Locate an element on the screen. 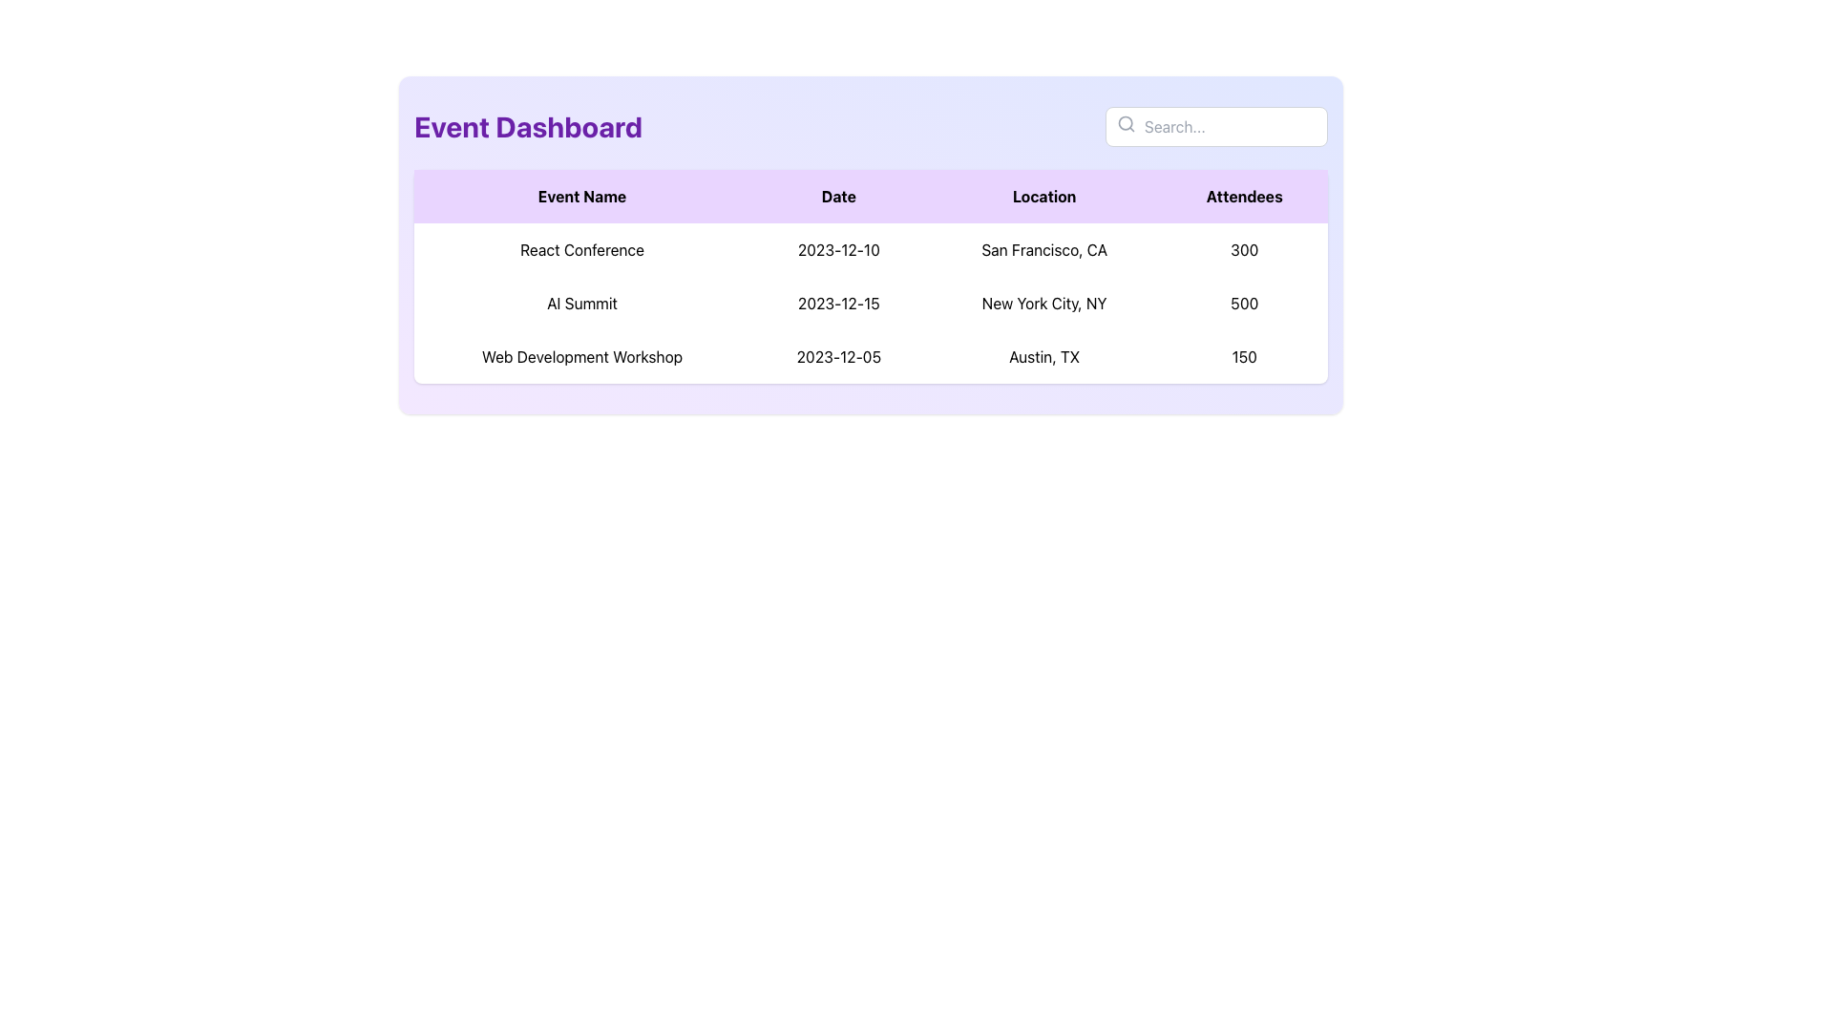 Image resolution: width=1833 pixels, height=1031 pixels. text displayed in bold black as '500' in the 'Attendees' column of the table, specifically aligned with the 'AI Summit' row is located at coordinates (1244, 302).